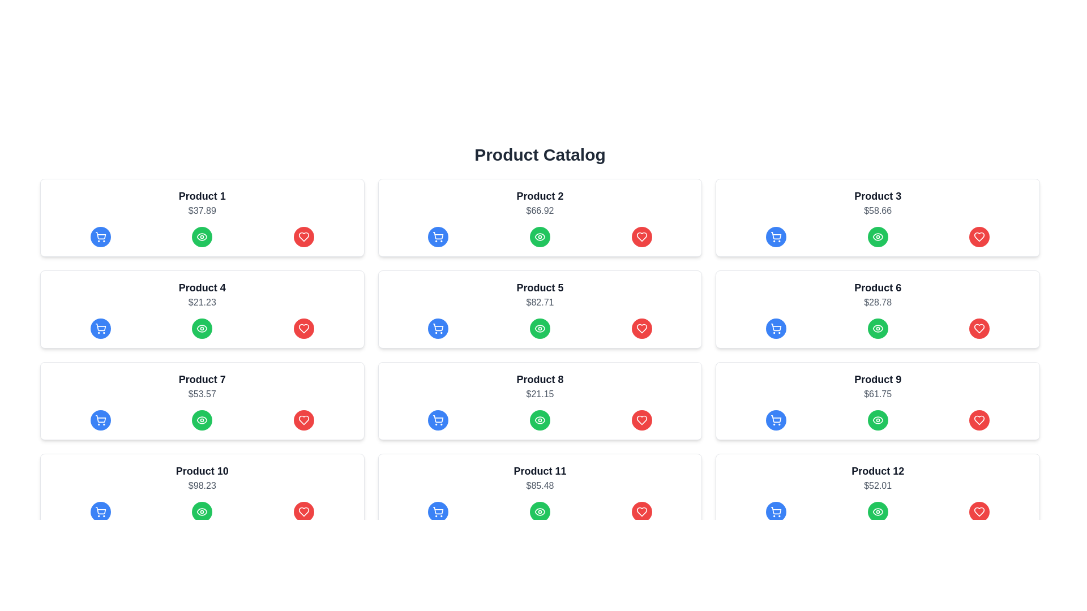 The image size is (1087, 611). I want to click on the text label that identifies 'Product 2', located at the top-center of its product card in the second column of the first row of the product catalog grid, so click(540, 196).